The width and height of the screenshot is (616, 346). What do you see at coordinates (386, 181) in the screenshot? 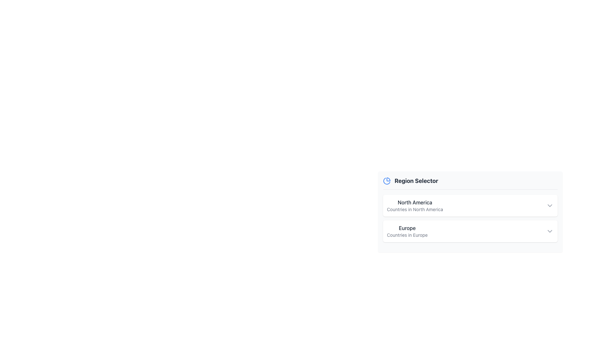
I see `the blue pie chart icon located to the left of the 'Region Selector' text in the header section` at bounding box center [386, 181].